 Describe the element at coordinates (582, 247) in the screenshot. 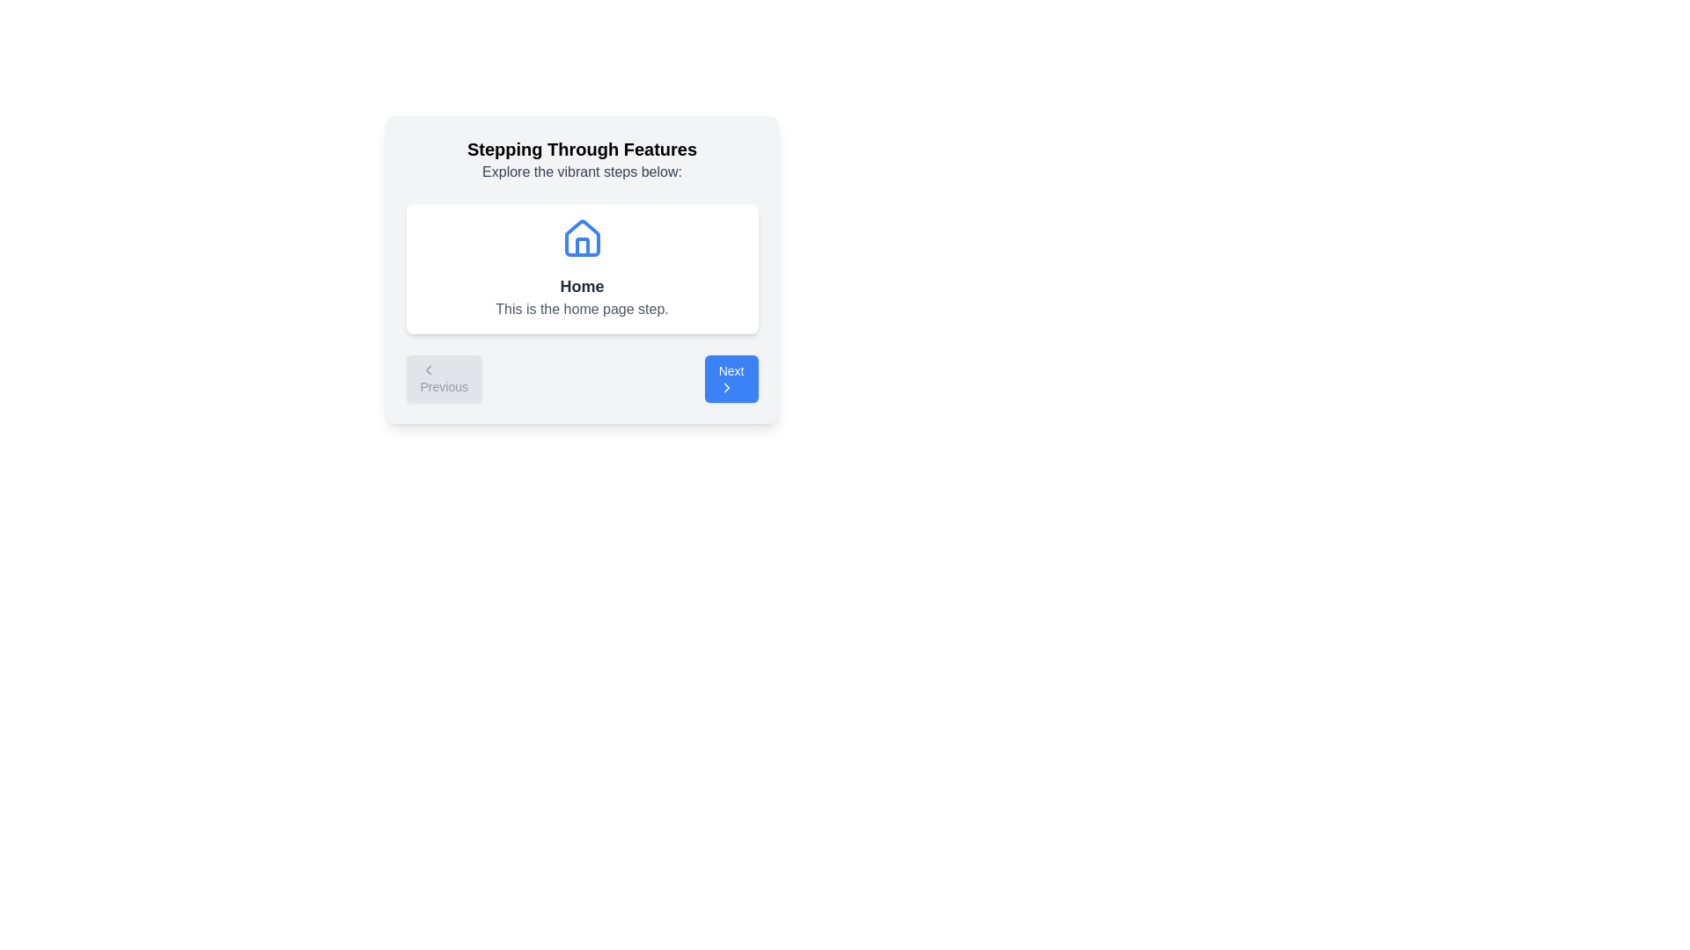

I see `the small graphical representation of a door within the house icon, which is outlined with a blue stroke and positioned above the 'Home' text` at that location.